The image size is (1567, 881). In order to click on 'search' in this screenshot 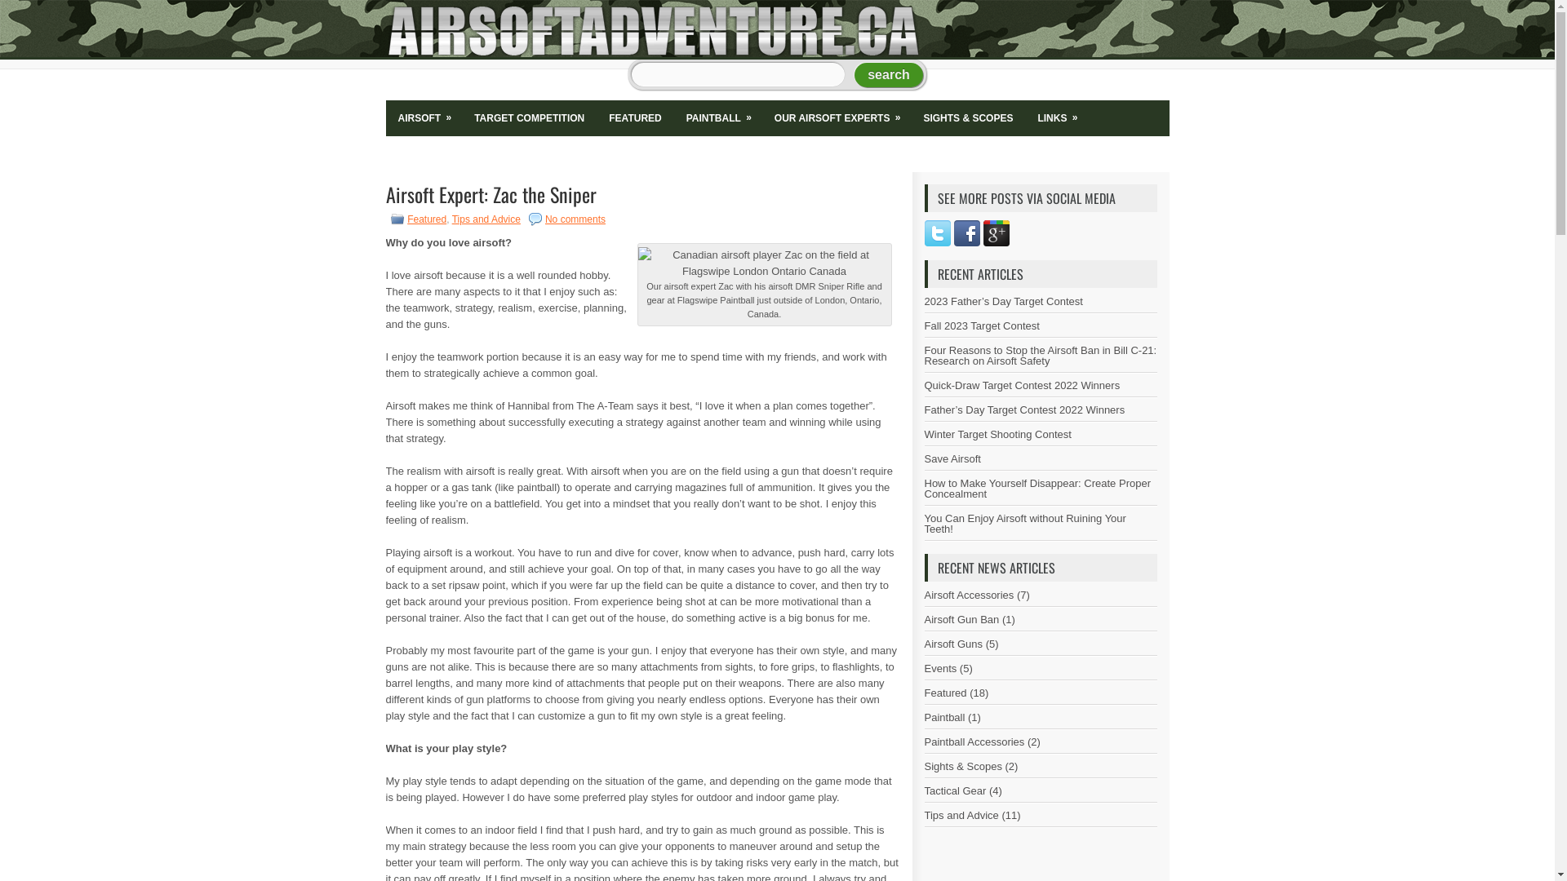, I will do `click(888, 75)`.